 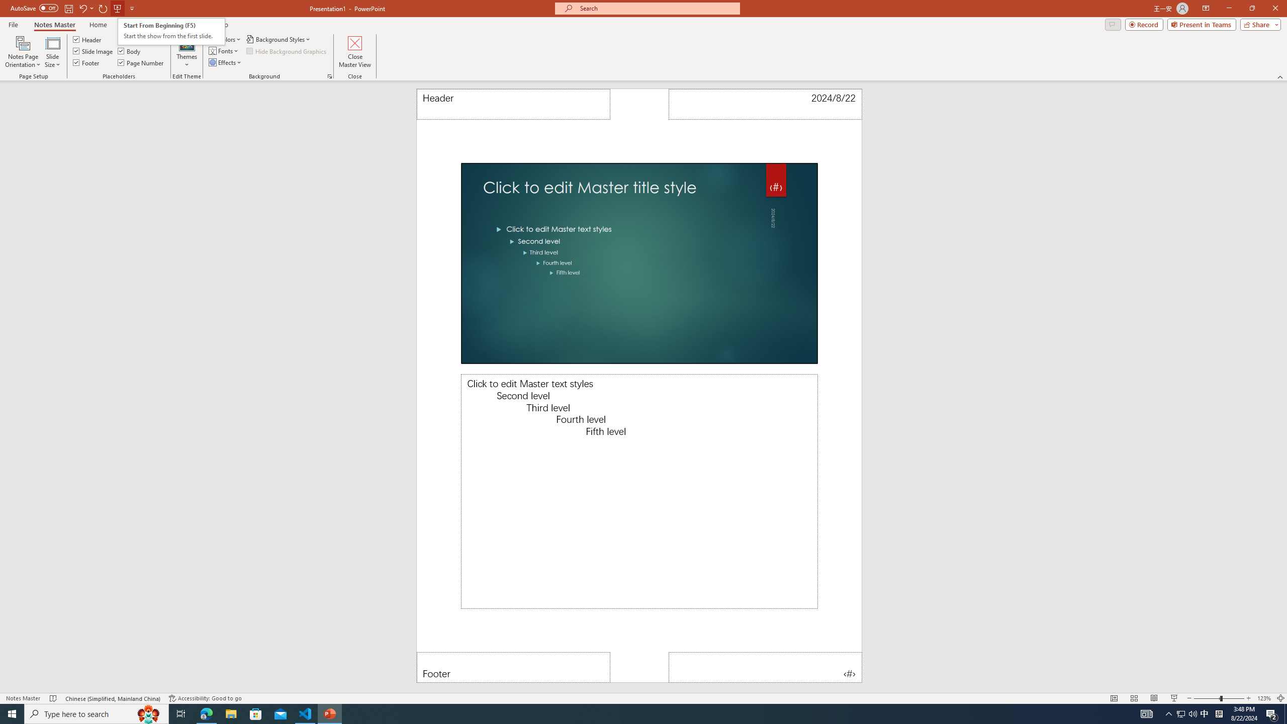 I want to click on 'Effects', so click(x=225, y=61).